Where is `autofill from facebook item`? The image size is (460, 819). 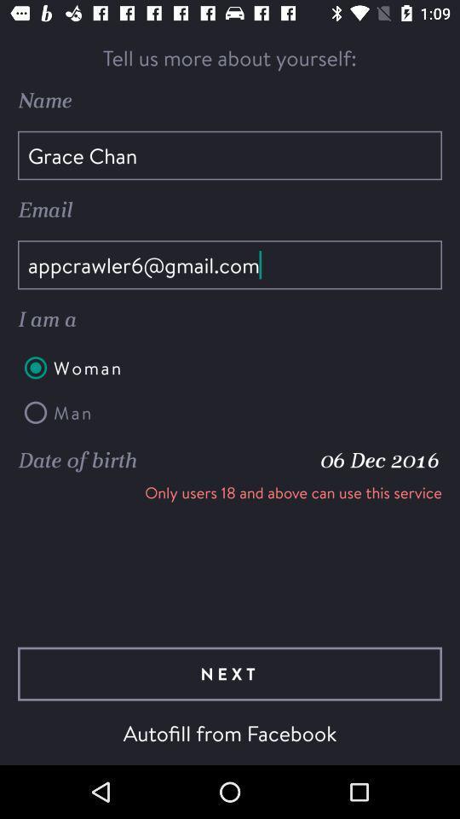 autofill from facebook item is located at coordinates (230, 732).